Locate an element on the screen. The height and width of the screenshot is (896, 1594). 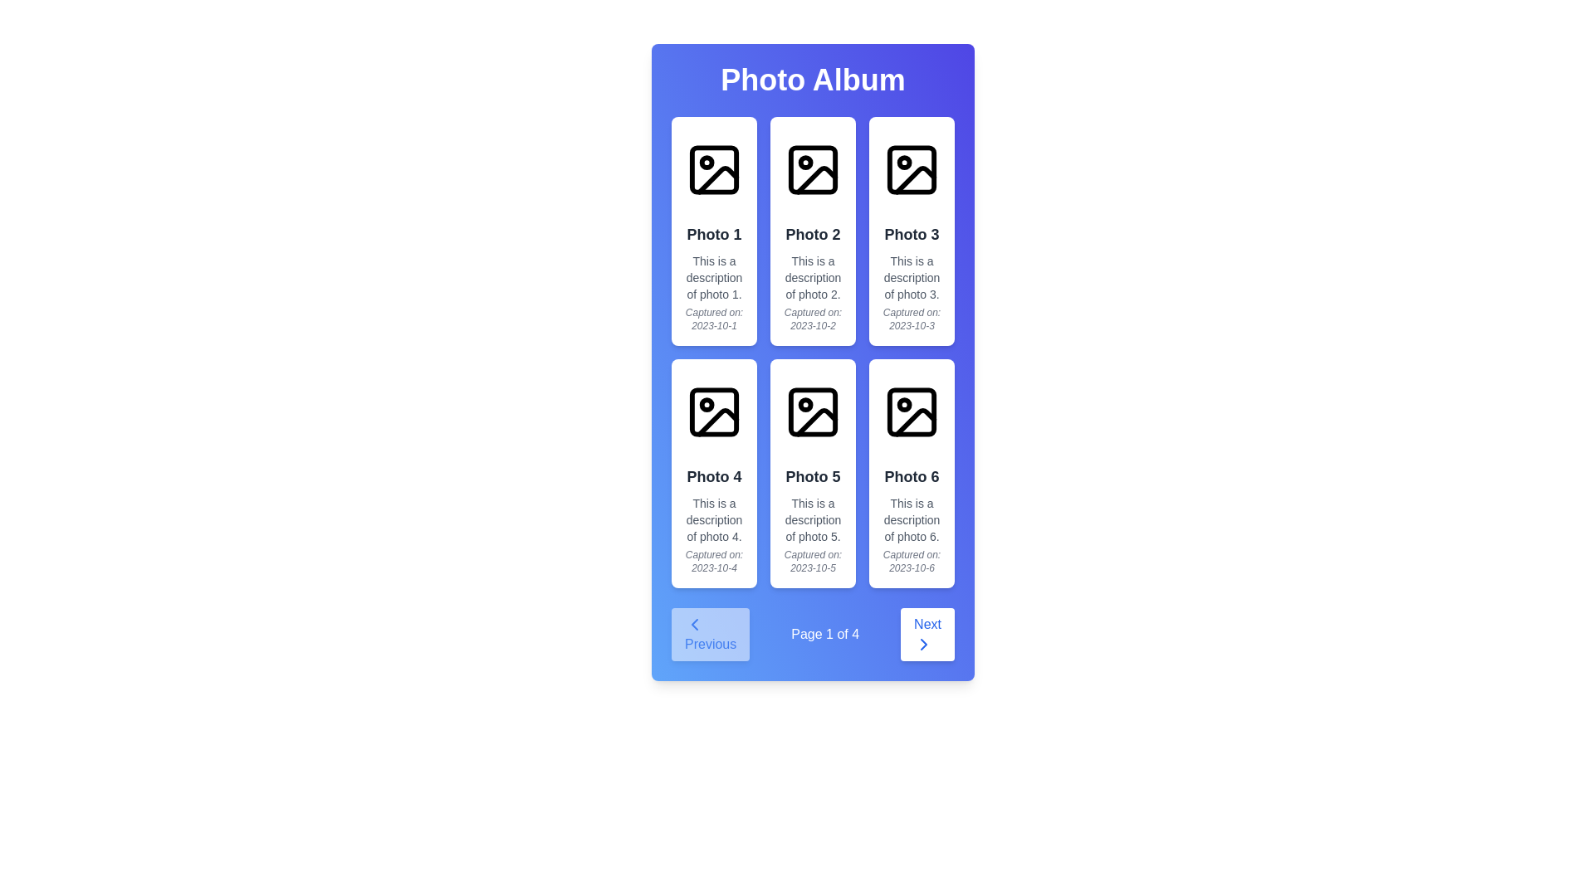
the first card element in the grid layout, which has a white background, rounded edges, and displays the title 'Photo 1' is located at coordinates (714, 231).